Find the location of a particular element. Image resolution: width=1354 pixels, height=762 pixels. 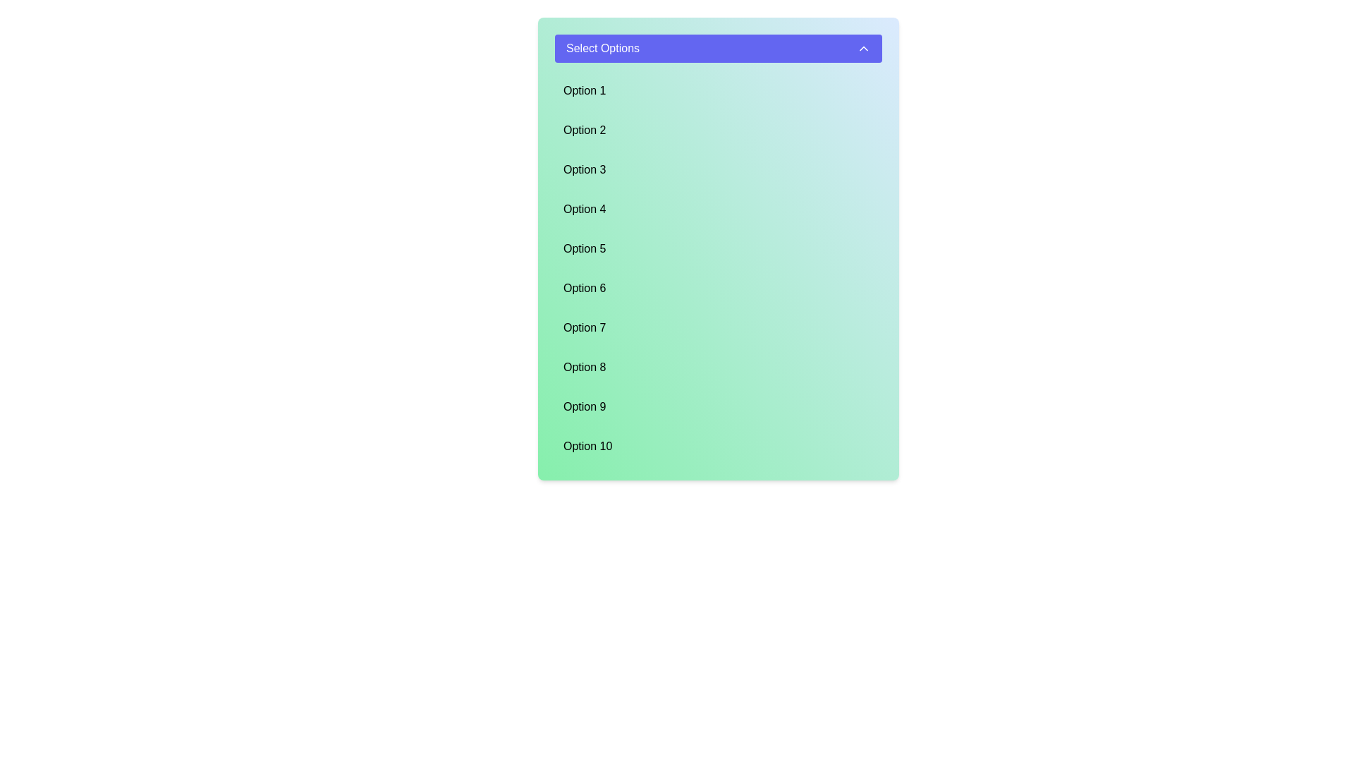

the text label displaying 'Select Options' which is styled with a white font over a blue background, located near the top of the dropdown menu panel is located at coordinates (602, 48).